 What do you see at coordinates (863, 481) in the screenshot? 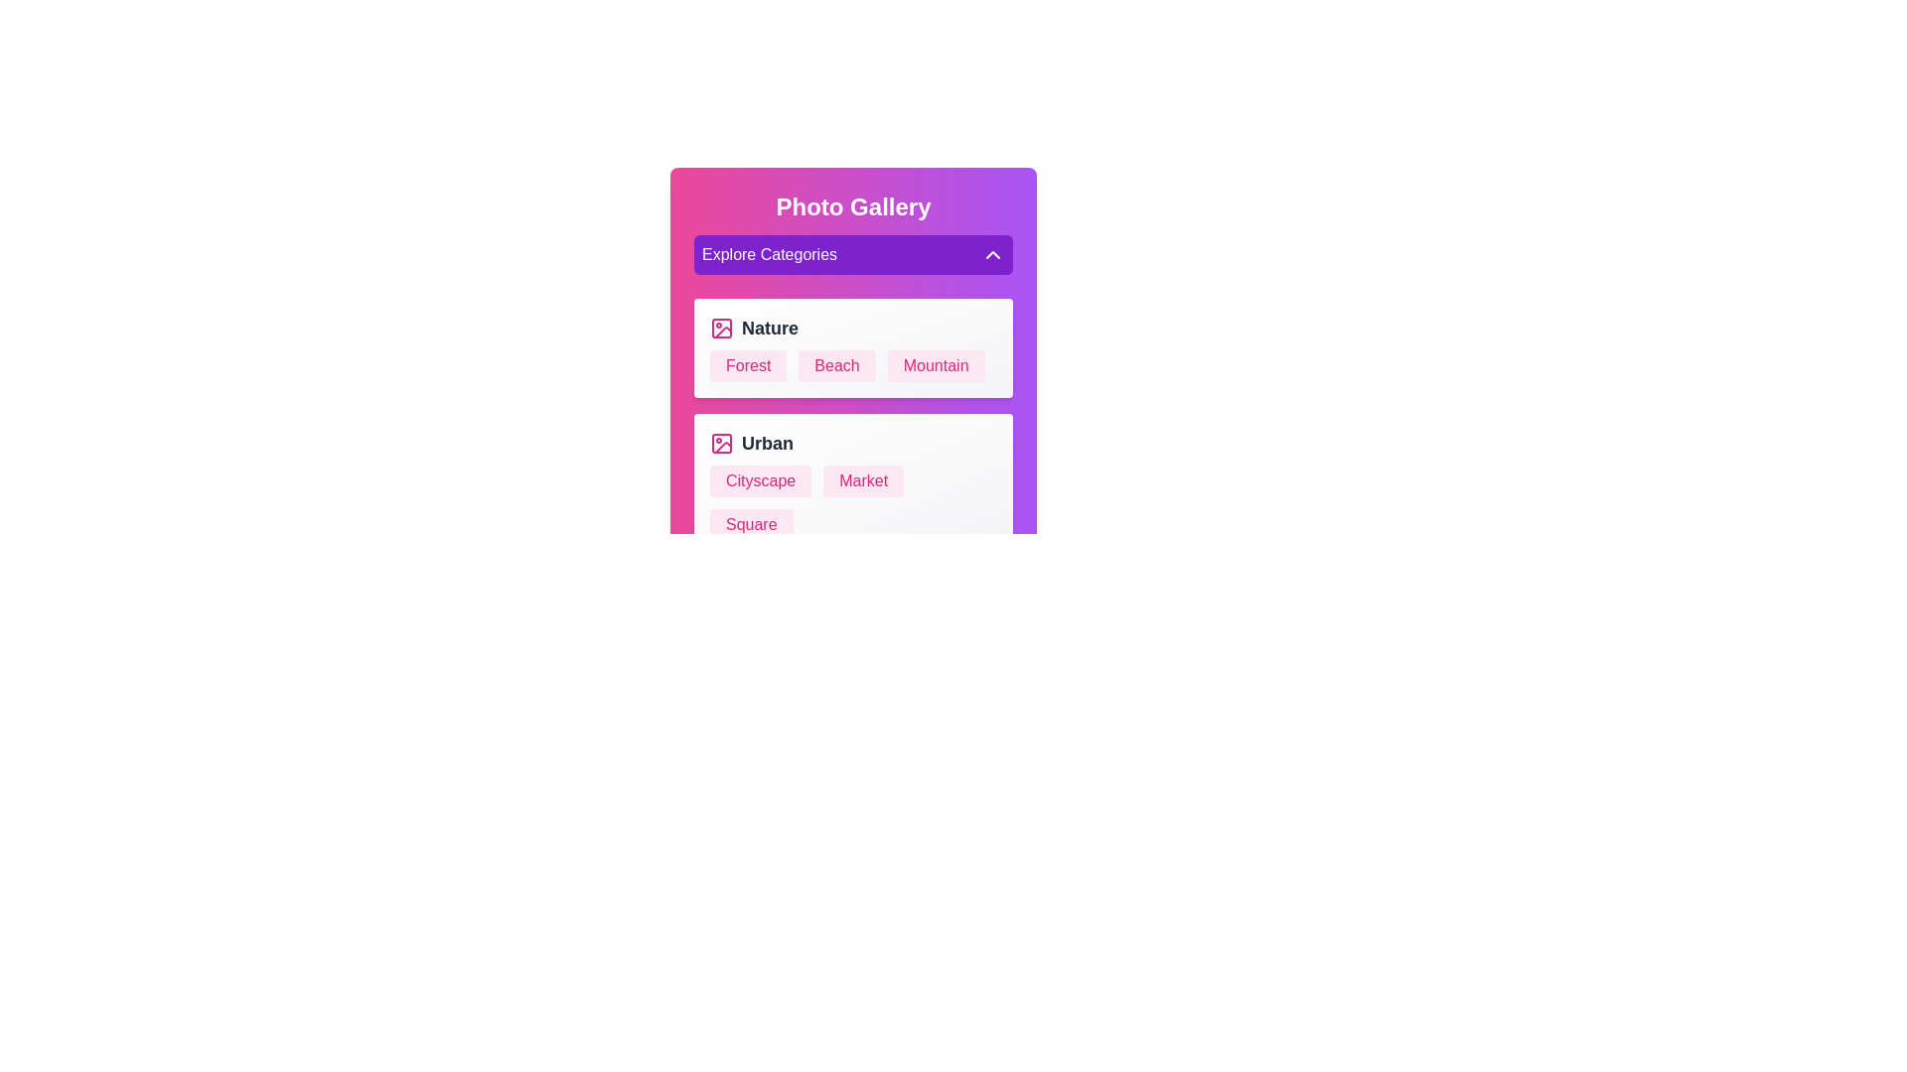
I see `the text element labeled 'Market' to select it` at bounding box center [863, 481].